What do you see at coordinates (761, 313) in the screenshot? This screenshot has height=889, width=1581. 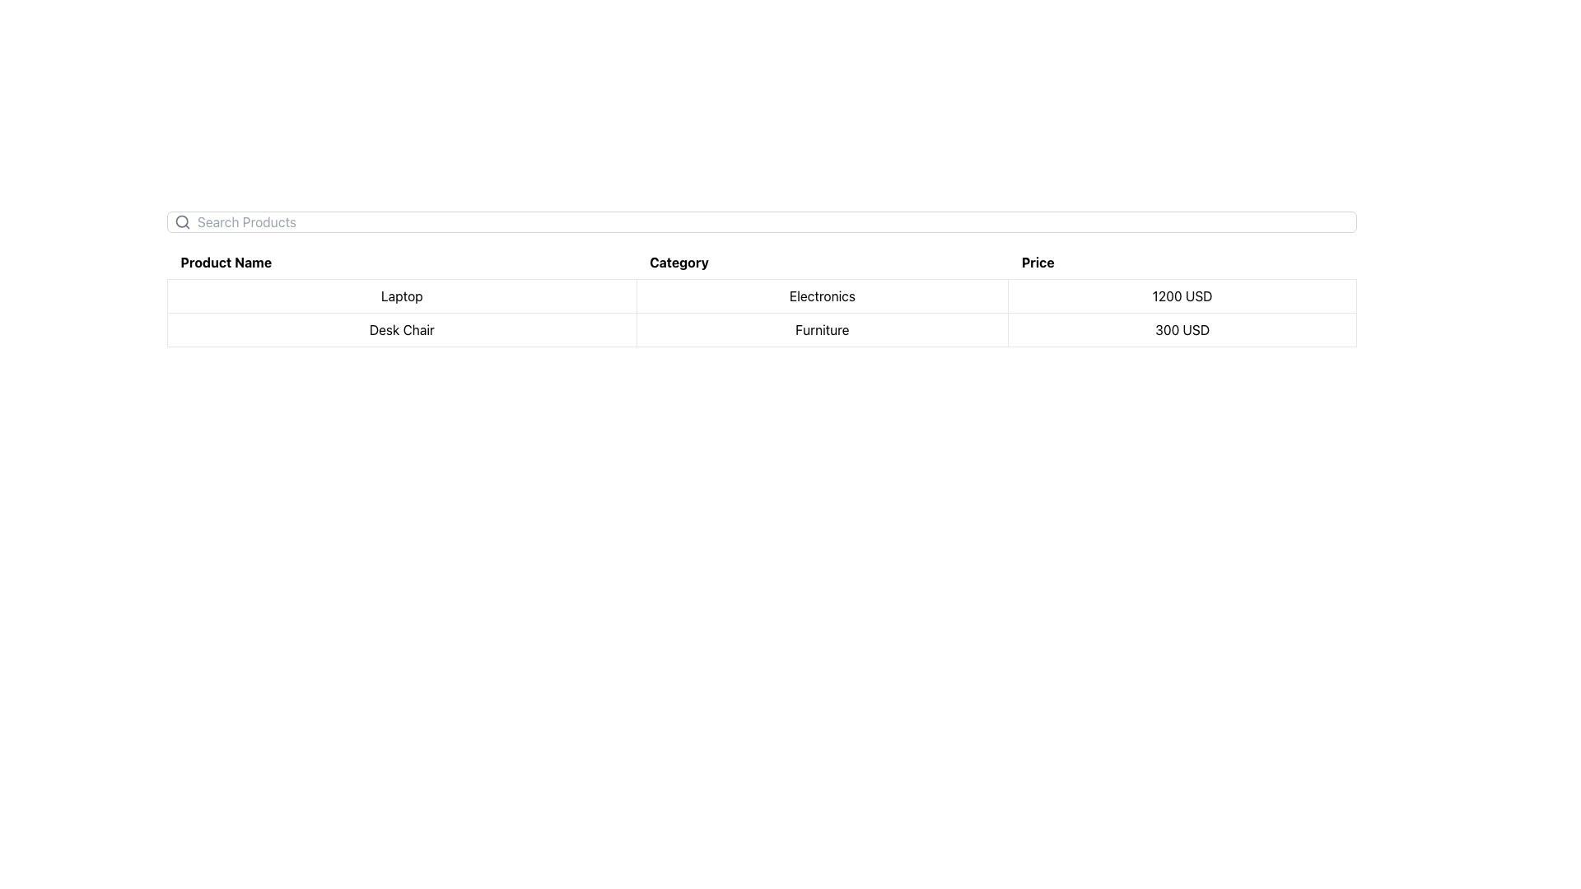 I see `the second row` at bounding box center [761, 313].